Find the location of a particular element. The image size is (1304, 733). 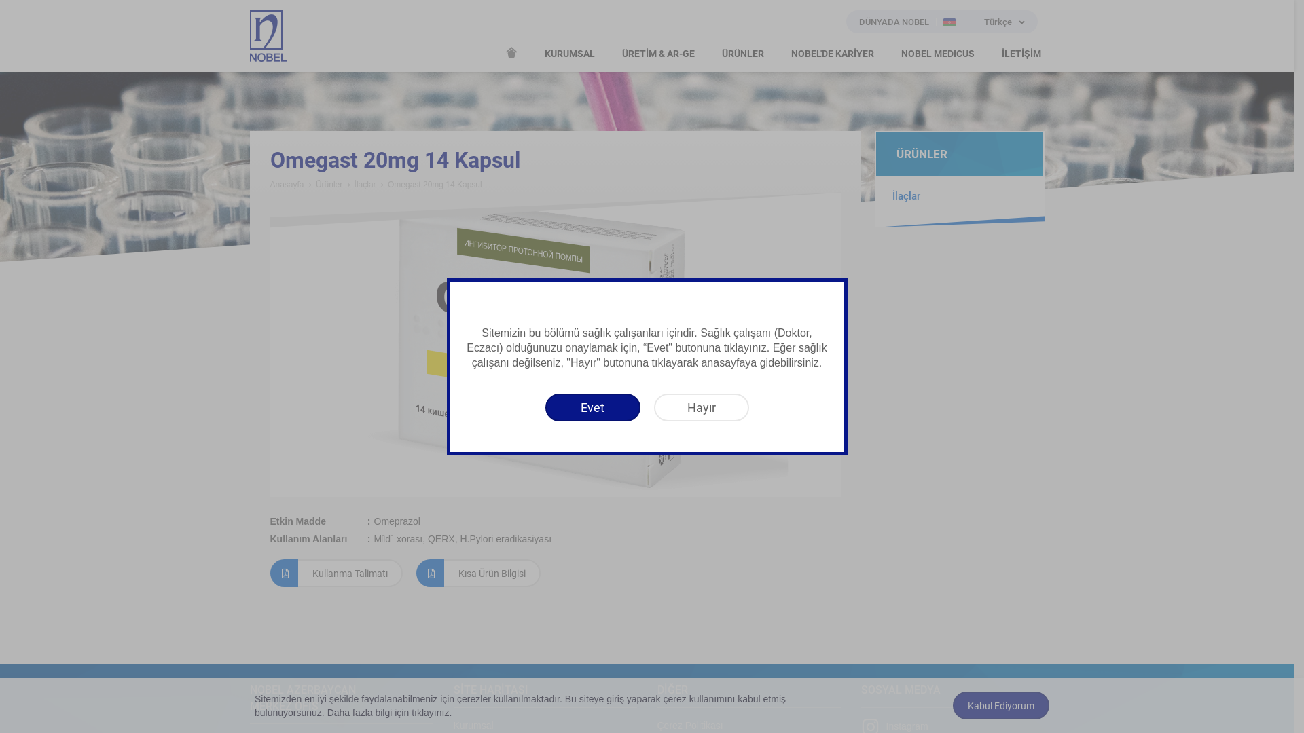

'Evet' is located at coordinates (592, 407).